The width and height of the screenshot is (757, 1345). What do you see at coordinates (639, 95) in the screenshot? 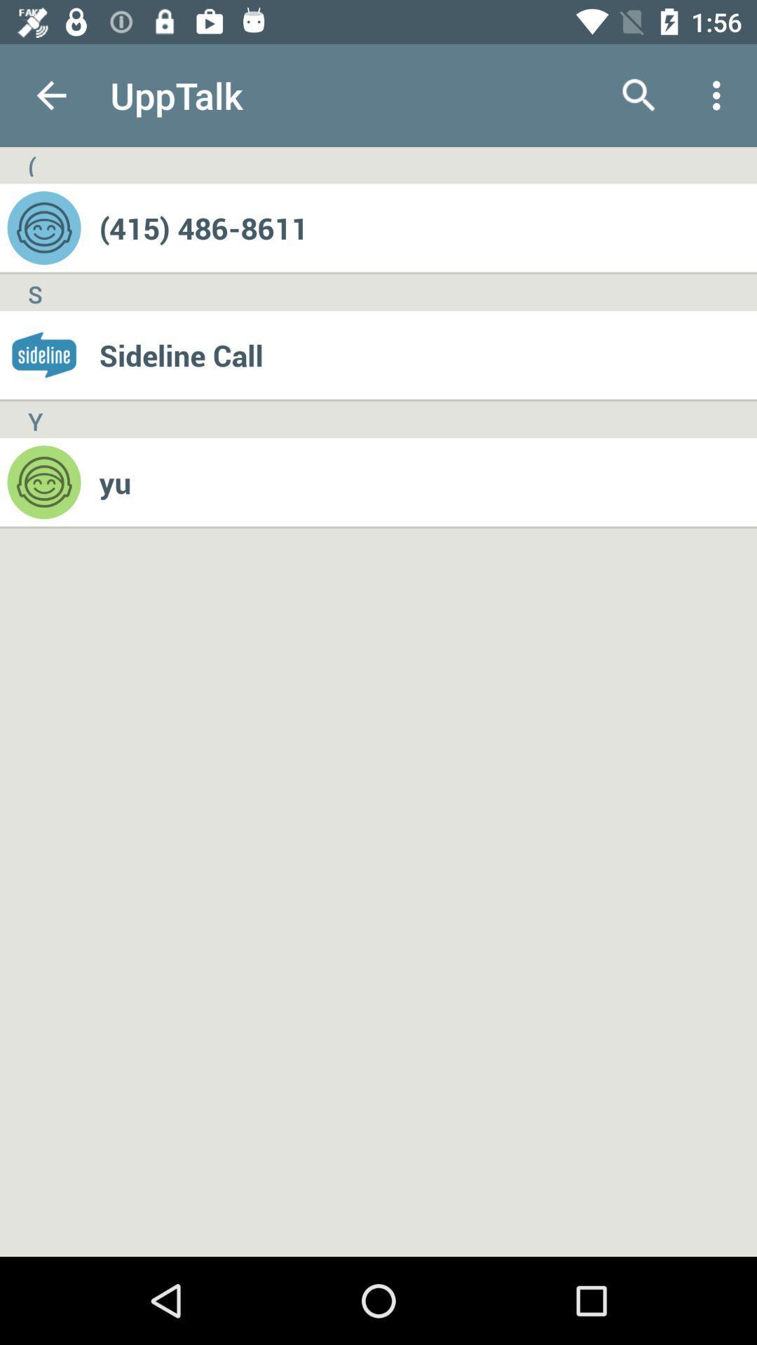
I see `the icon above (415) 486-8611` at bounding box center [639, 95].